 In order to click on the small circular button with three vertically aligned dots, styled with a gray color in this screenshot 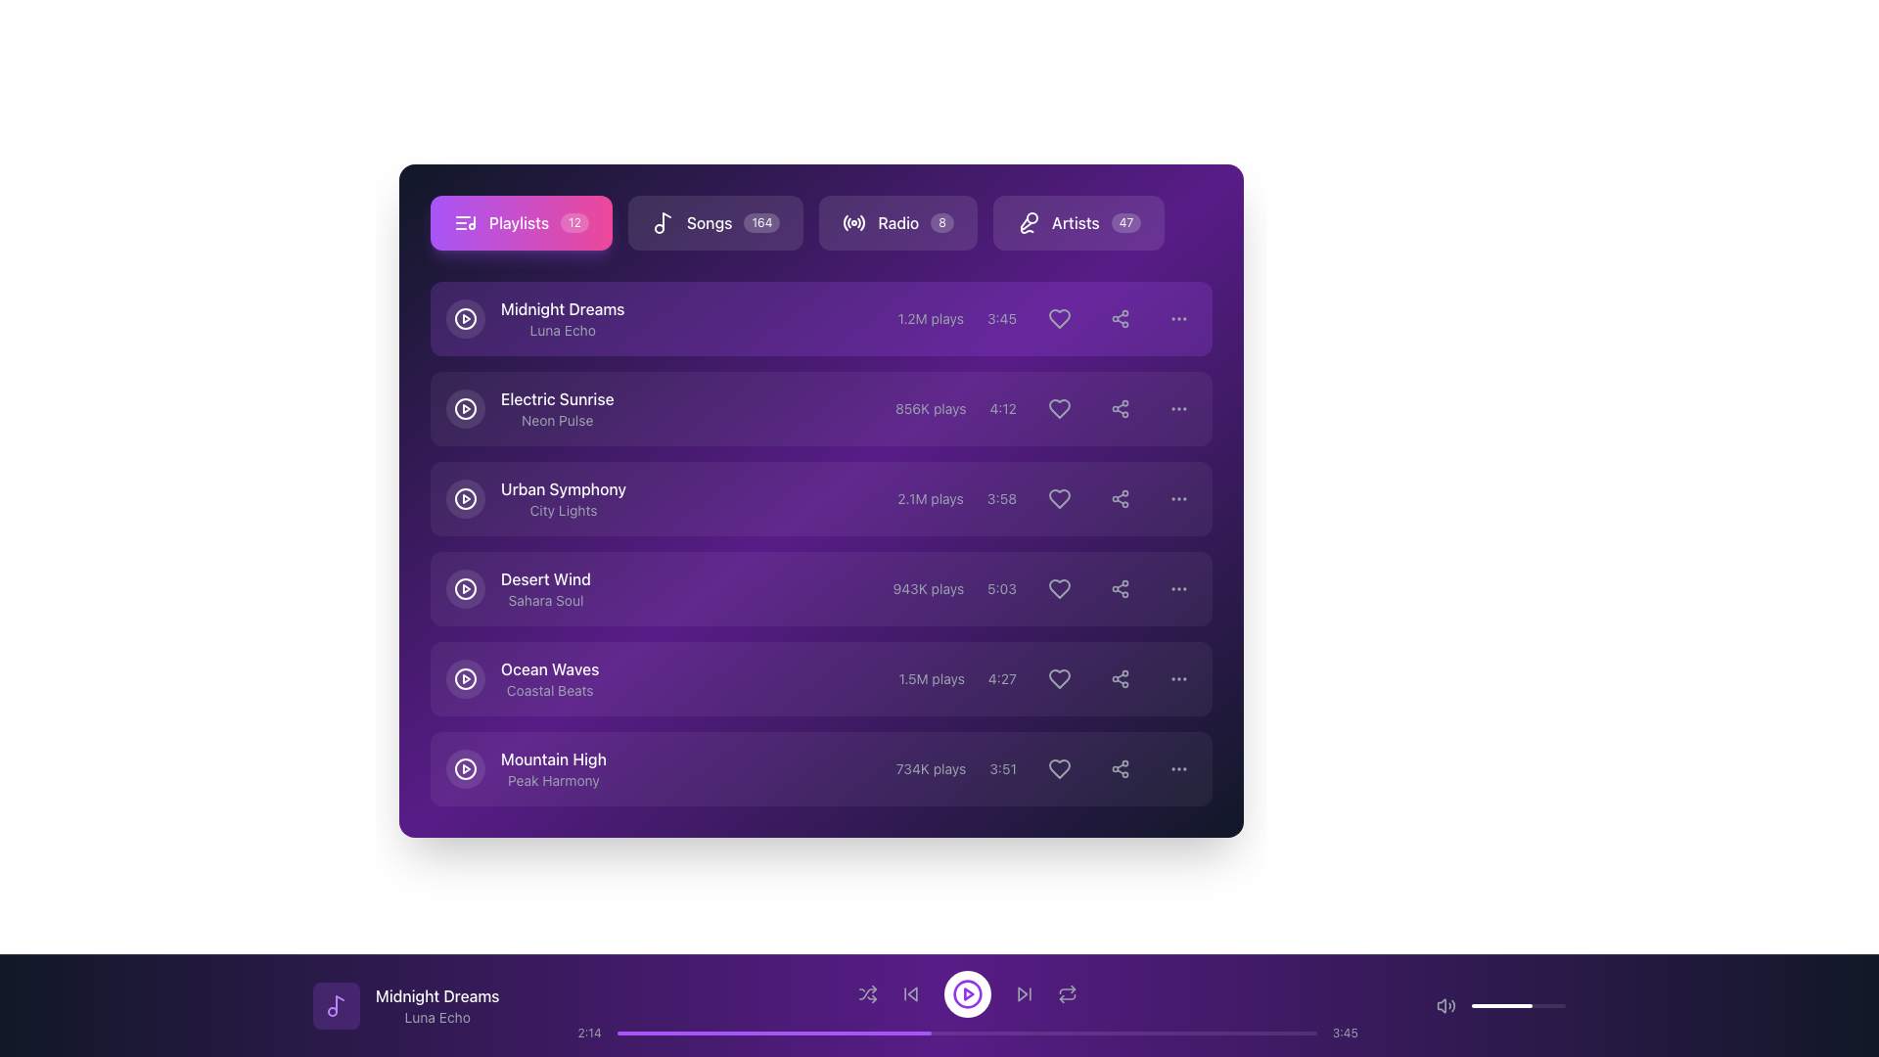, I will do `click(1177, 407)`.